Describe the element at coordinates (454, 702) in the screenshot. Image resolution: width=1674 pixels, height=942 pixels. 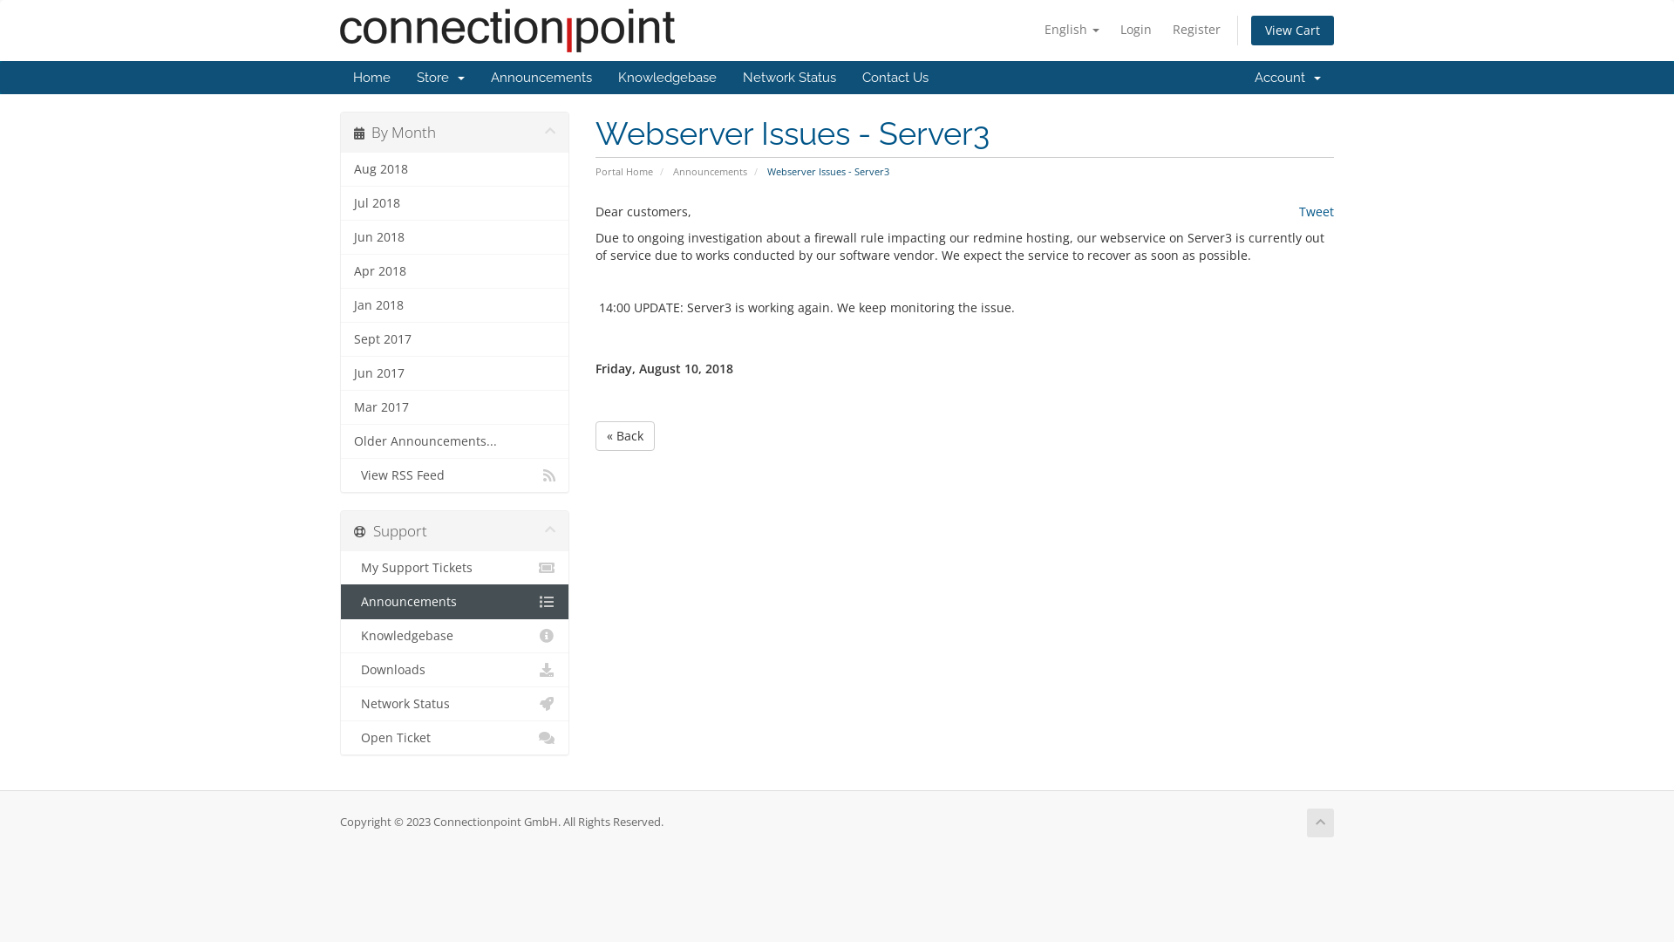
I see `'  Network Status'` at that location.